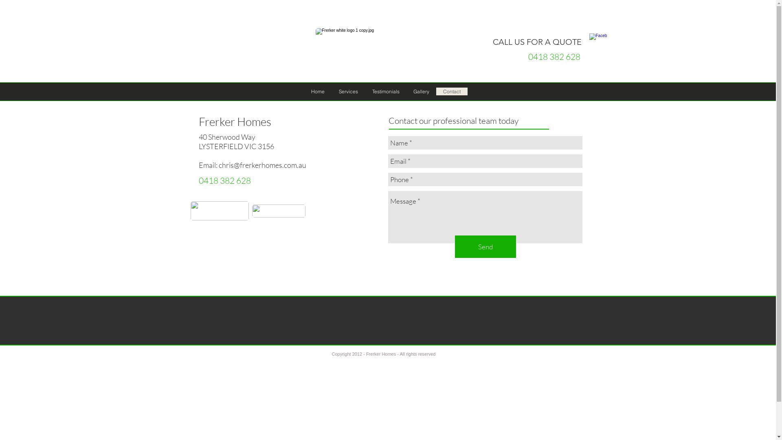 This screenshot has height=440, width=782. Describe the element at coordinates (379, 48) in the screenshot. I see `'Frerker white logo 1 copy.jpg'` at that location.